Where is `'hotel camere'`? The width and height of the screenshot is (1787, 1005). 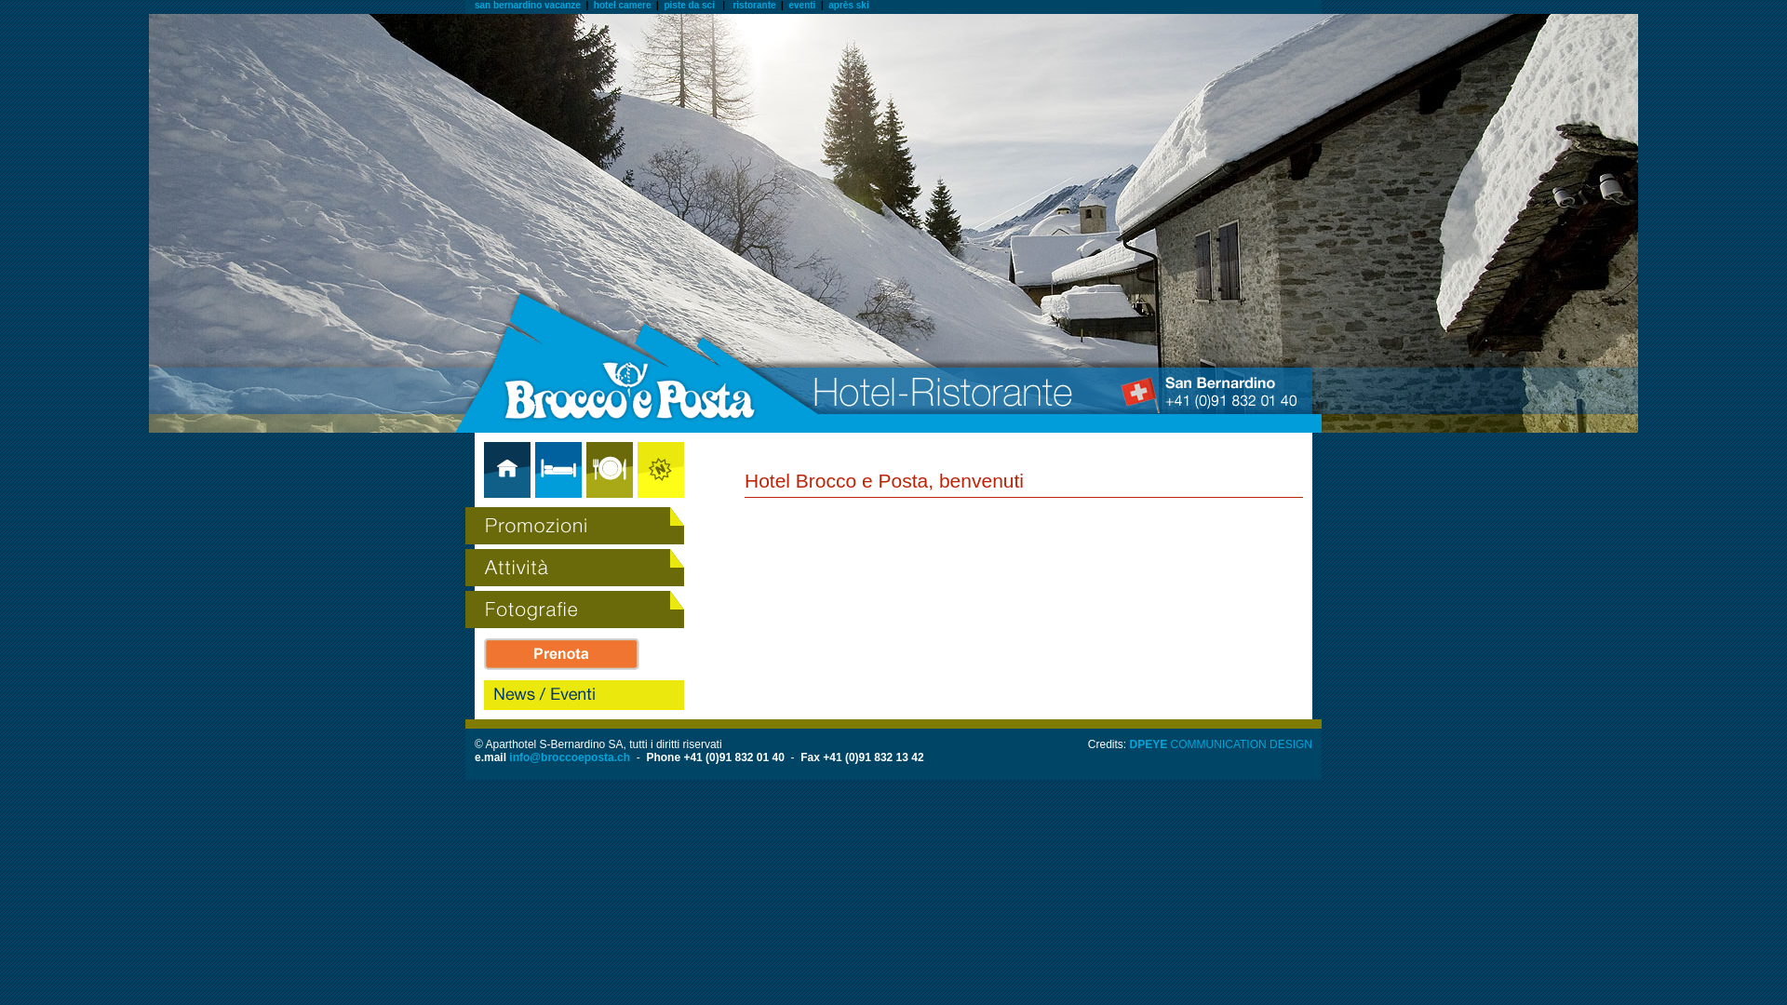
'hotel camere' is located at coordinates (622, 5).